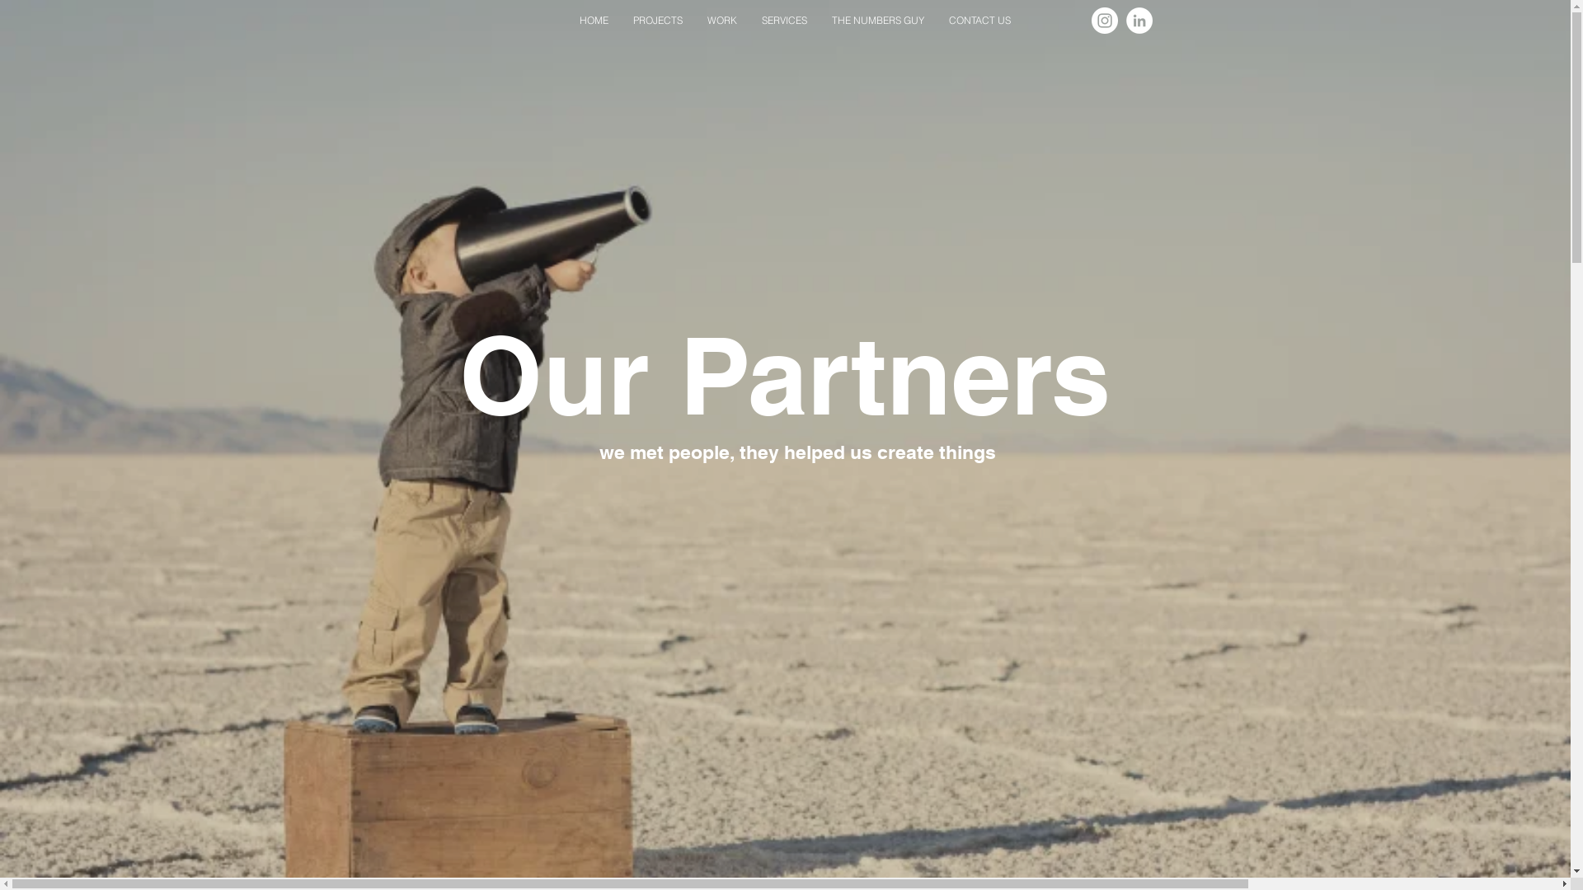 The height and width of the screenshot is (890, 1583). Describe the element at coordinates (566, 20) in the screenshot. I see `'HOME'` at that location.